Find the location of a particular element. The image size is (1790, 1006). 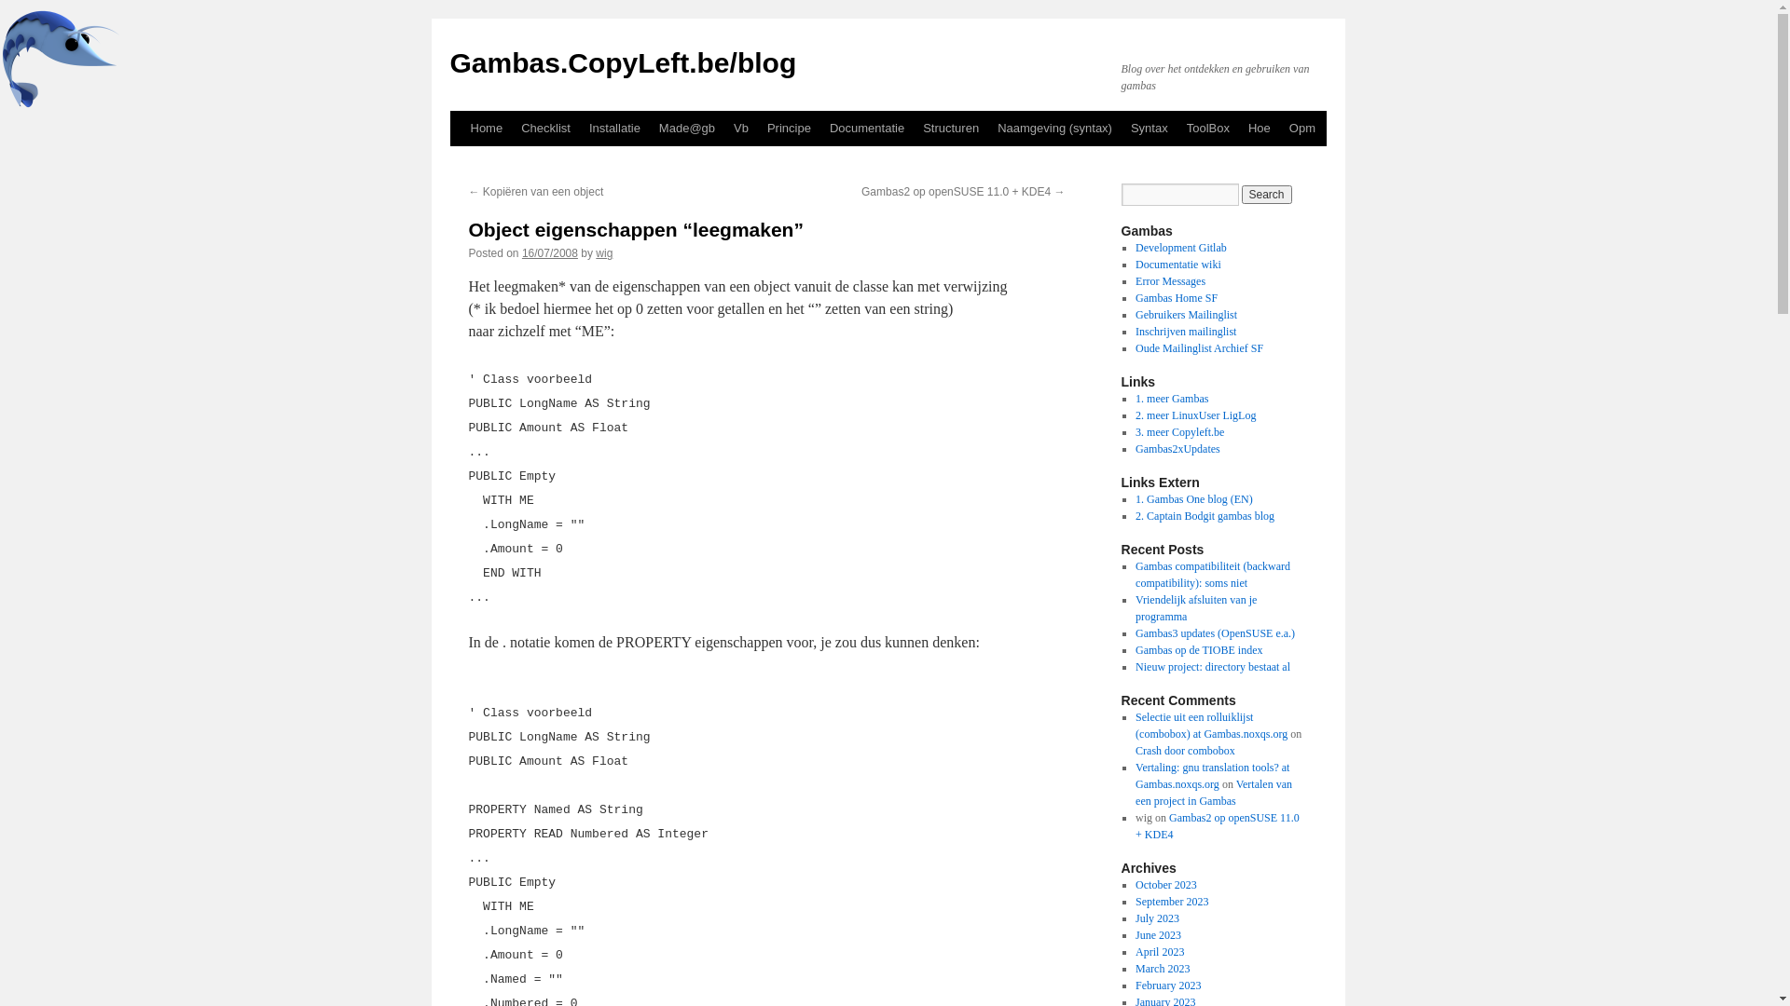

'Gambas.CopyLeft.be/blog' is located at coordinates (622, 61).